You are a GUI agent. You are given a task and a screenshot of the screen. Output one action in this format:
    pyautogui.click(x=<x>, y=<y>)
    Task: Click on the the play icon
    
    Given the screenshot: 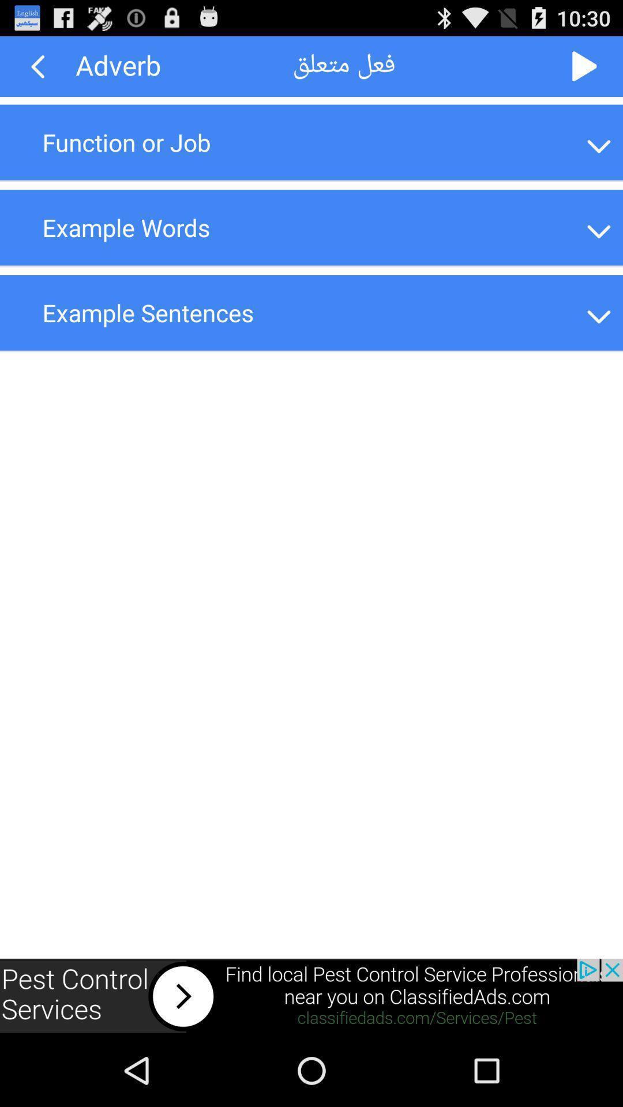 What is the action you would take?
    pyautogui.click(x=585, y=70)
    